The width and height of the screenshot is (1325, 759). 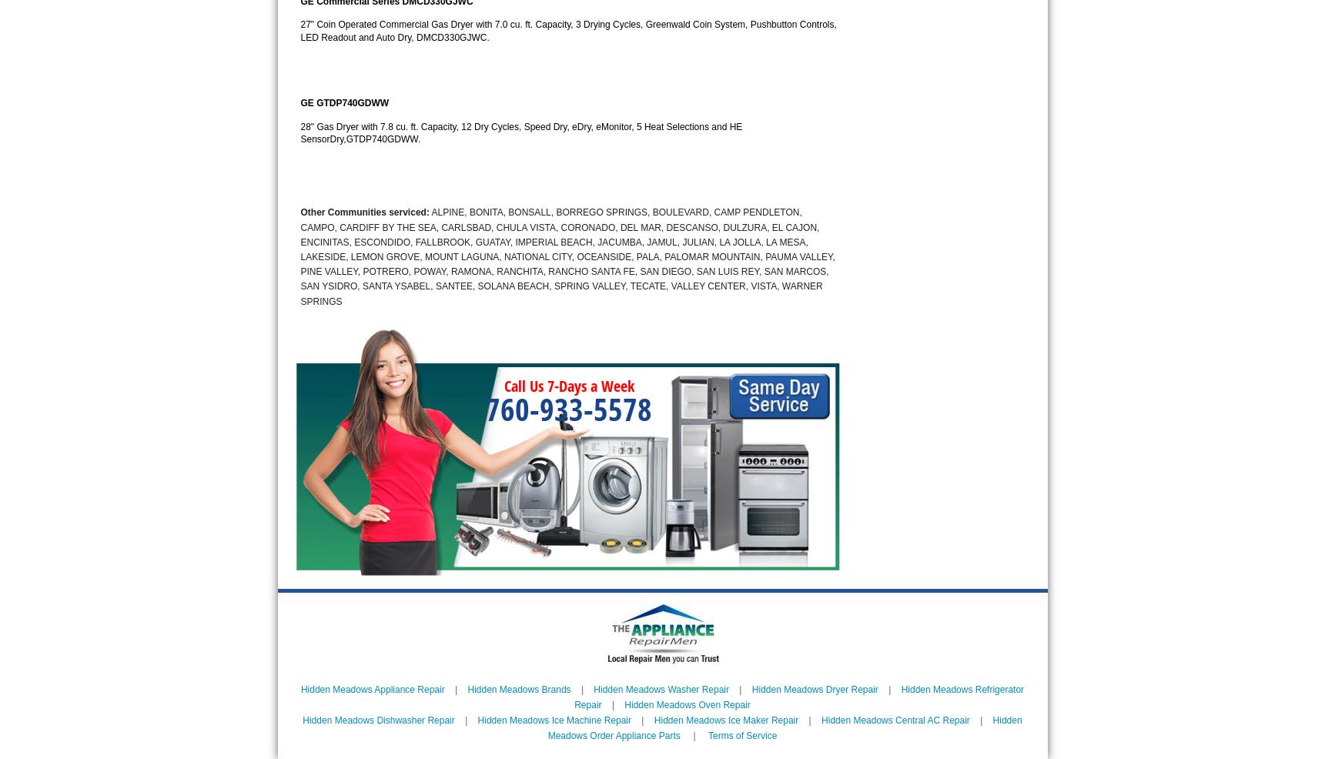 What do you see at coordinates (815, 687) in the screenshot?
I see `'Hidden Meadows Dryer Repair'` at bounding box center [815, 687].